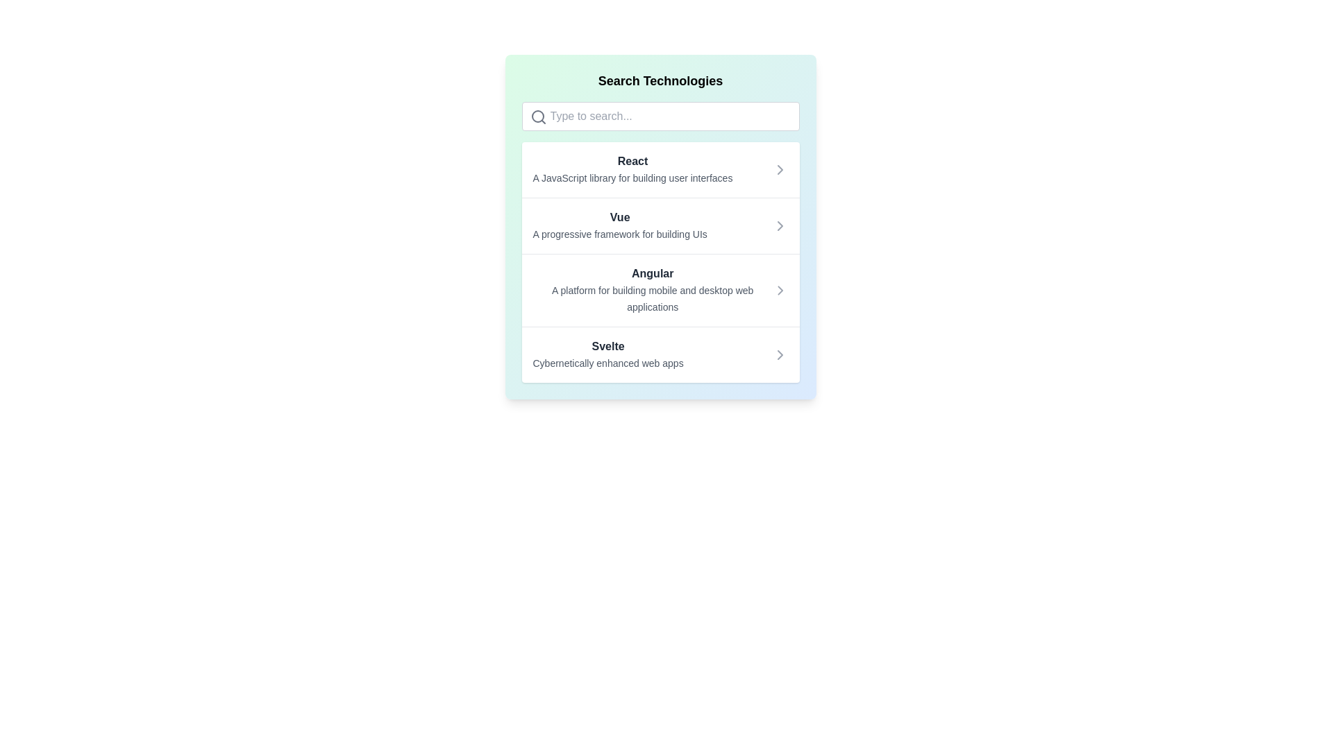 This screenshot has height=749, width=1333. I want to click on the right-facing chevron icon located within the 'Angular' list item, positioned to the far right of the text 'Angular' and 'A platform for building mobile and desktop web applications' for feedback, so click(780, 290).